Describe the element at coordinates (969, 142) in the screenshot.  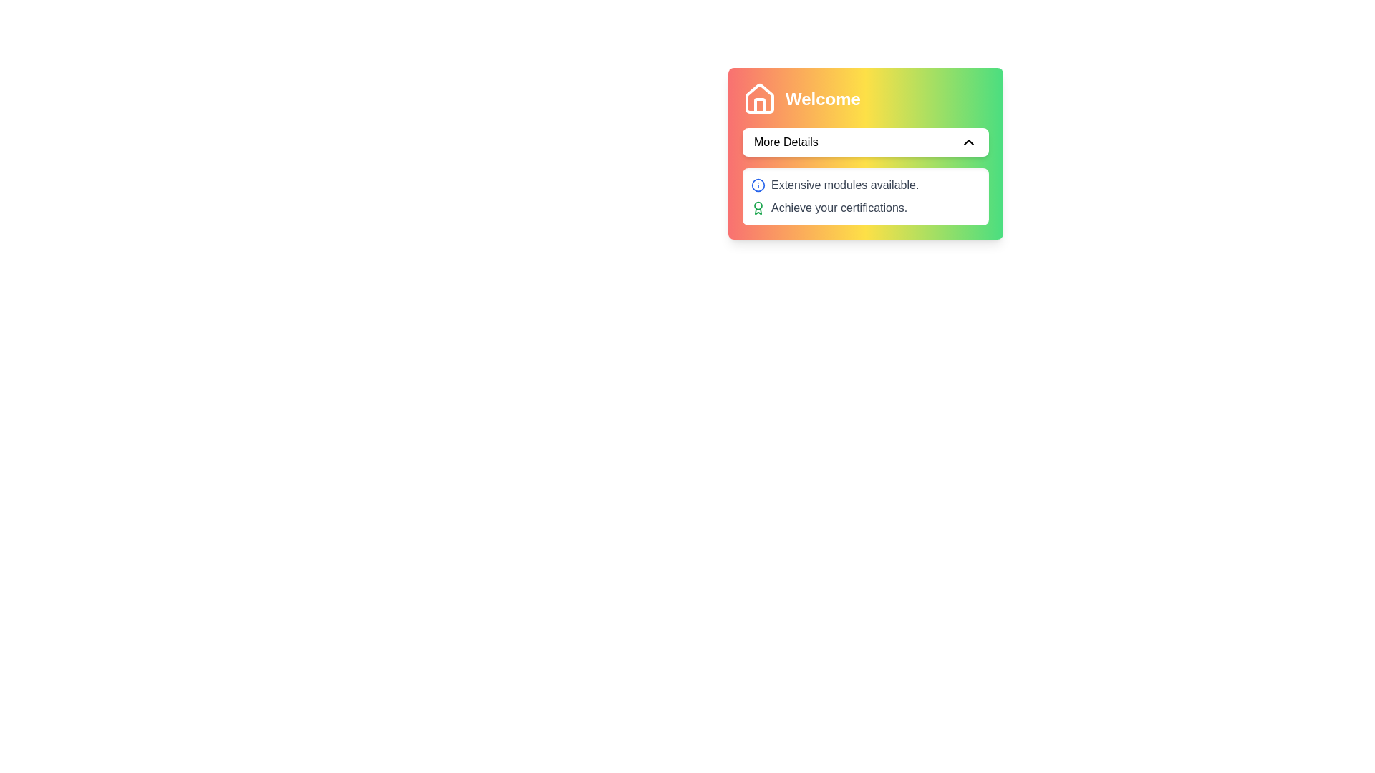
I see `the Chevron Icon next to the 'More Details' text to trigger a visual reaction` at that location.